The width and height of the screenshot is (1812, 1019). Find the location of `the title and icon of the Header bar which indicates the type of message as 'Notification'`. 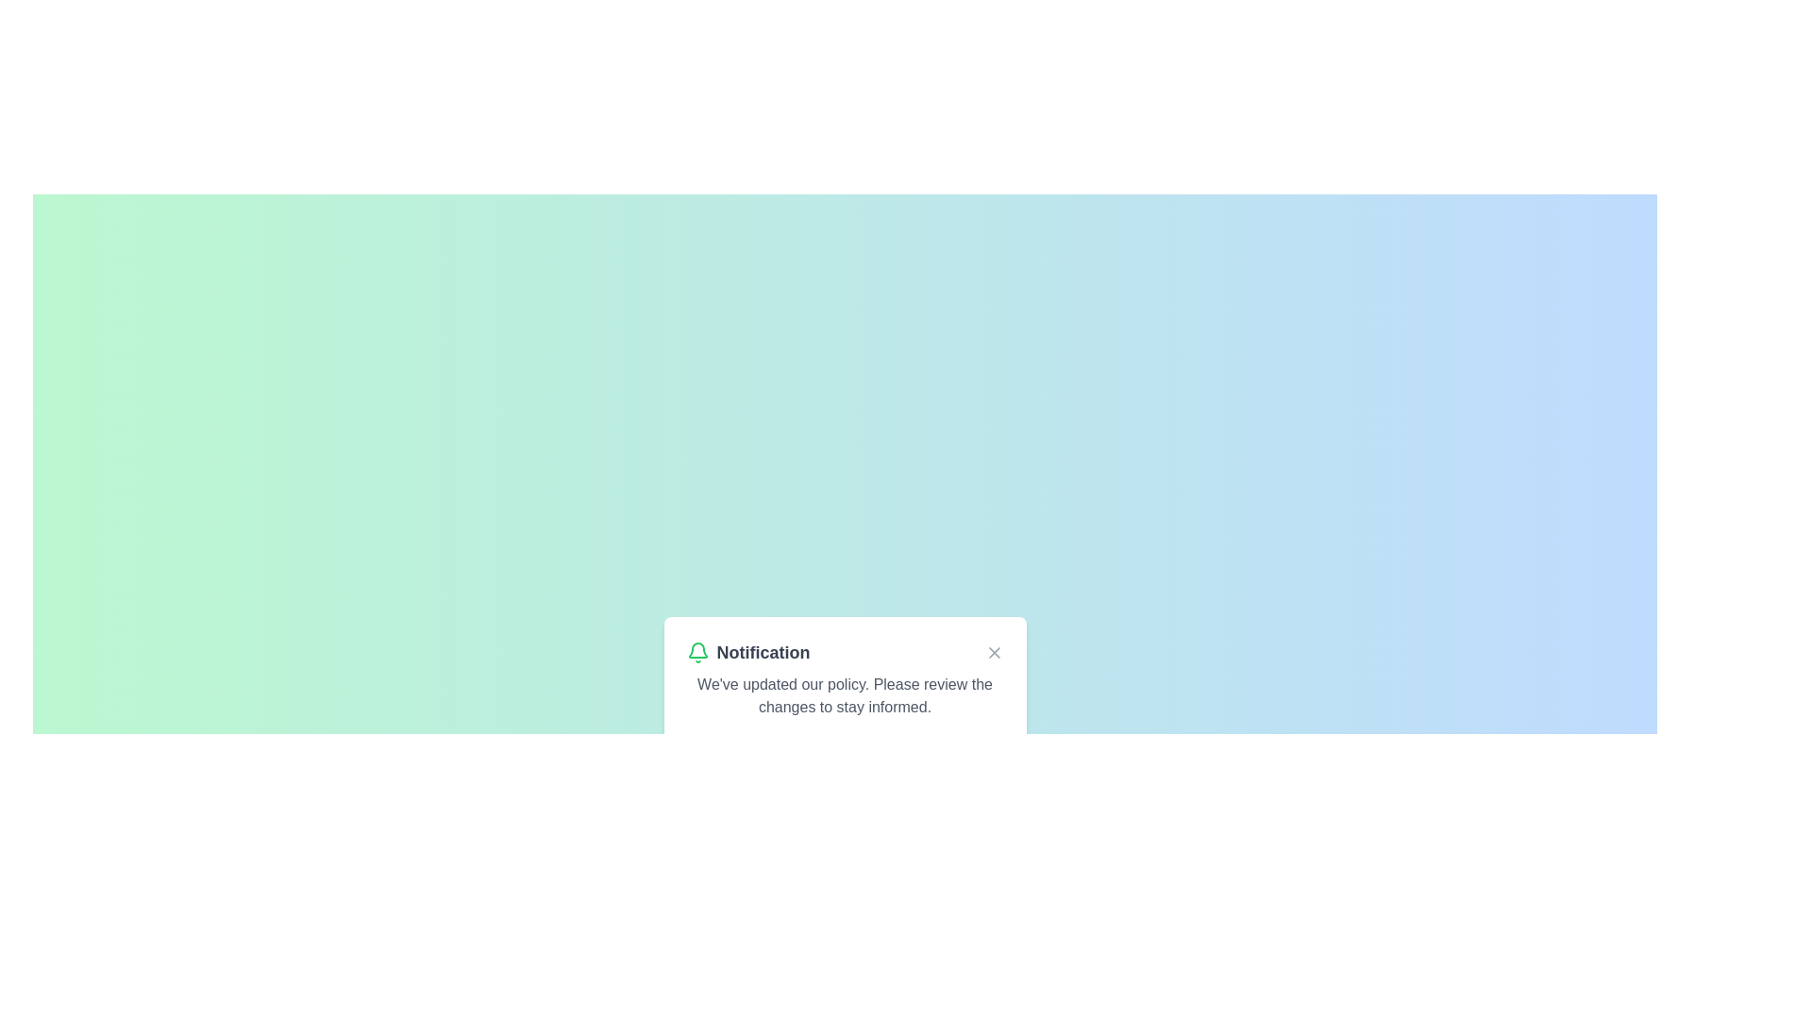

the title and icon of the Header bar which indicates the type of message as 'Notification' is located at coordinates (844, 651).